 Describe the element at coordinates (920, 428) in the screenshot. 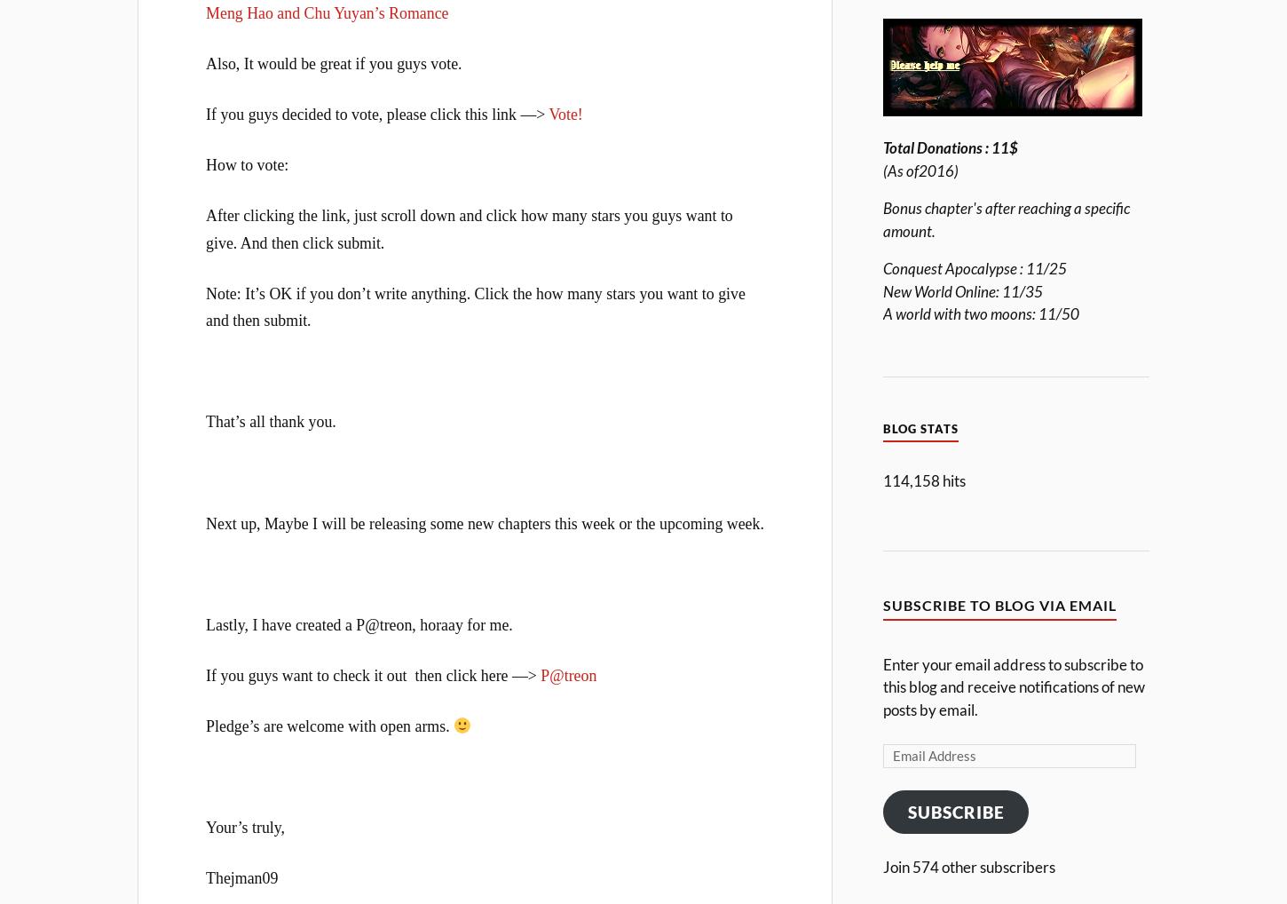

I see `'Blog Stats'` at that location.